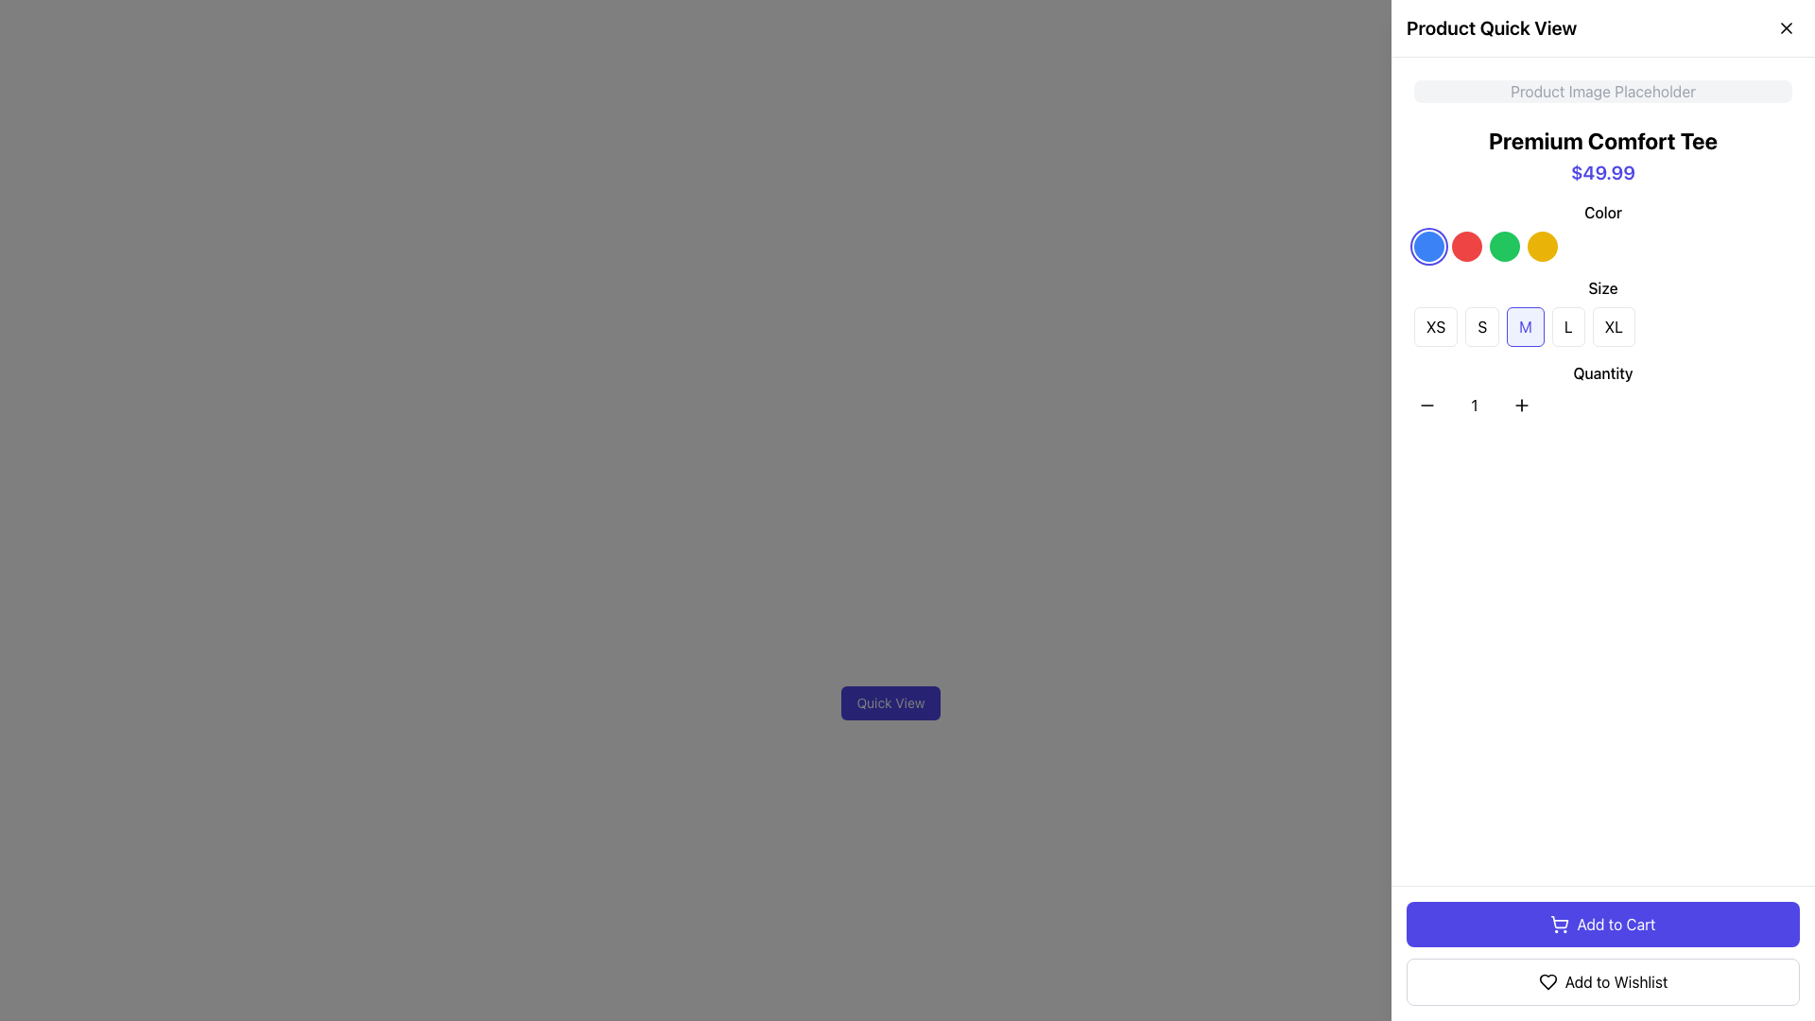  I want to click on the text label 'Product Quick View' located at the top-left of the side panel, so click(1491, 28).